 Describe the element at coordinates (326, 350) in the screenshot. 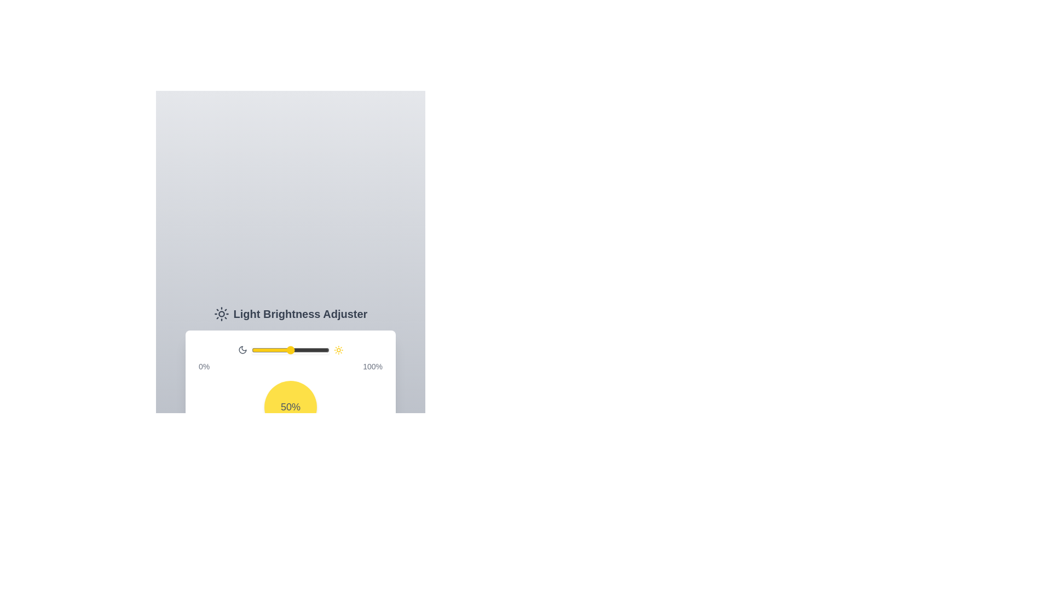

I see `the brightness to 97%` at that location.